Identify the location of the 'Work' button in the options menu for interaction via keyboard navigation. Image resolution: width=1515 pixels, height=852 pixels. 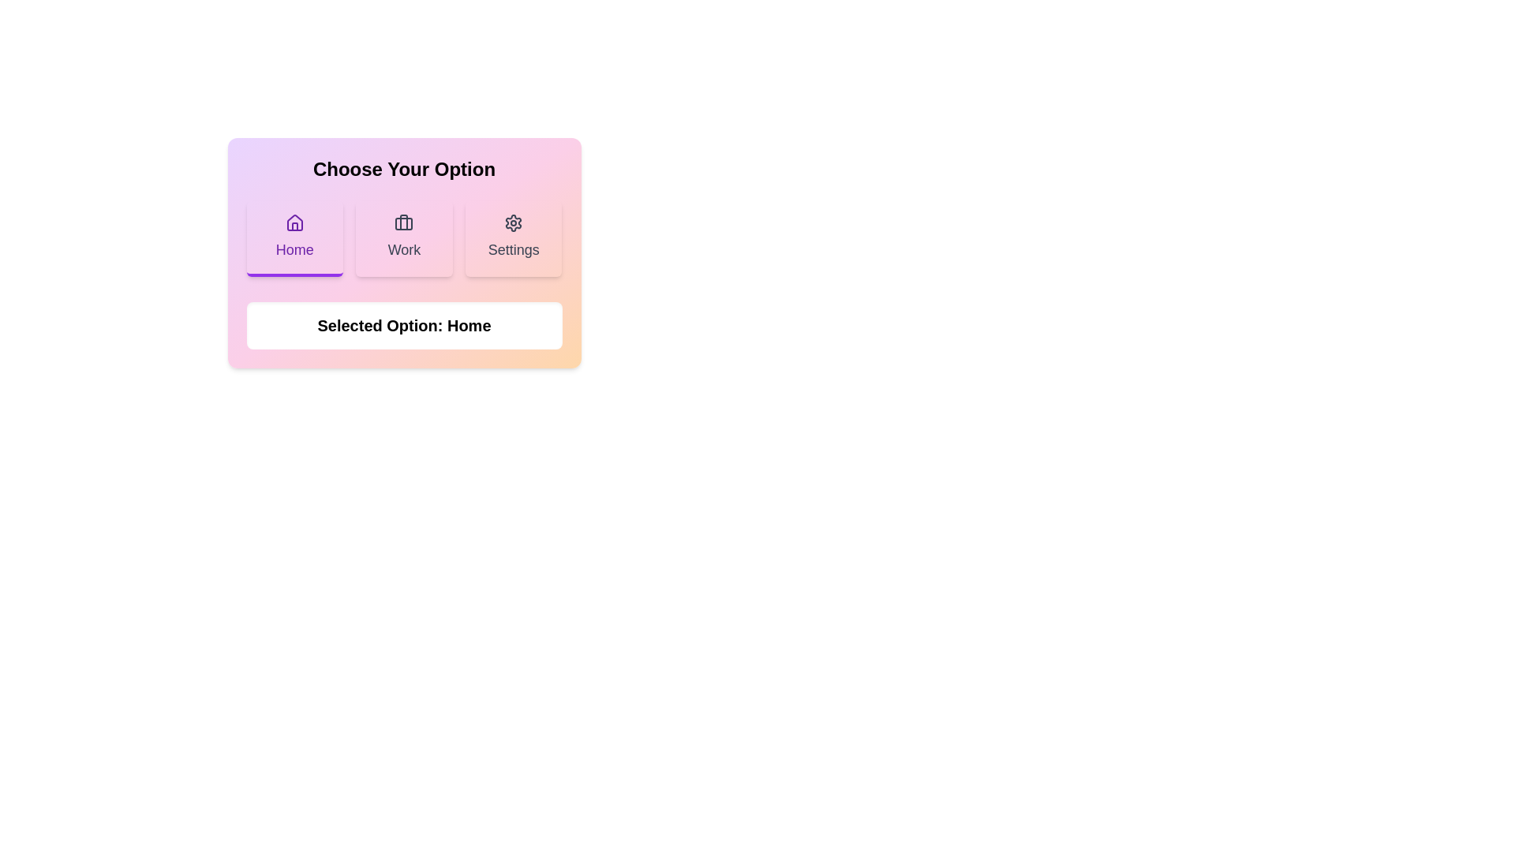
(404, 239).